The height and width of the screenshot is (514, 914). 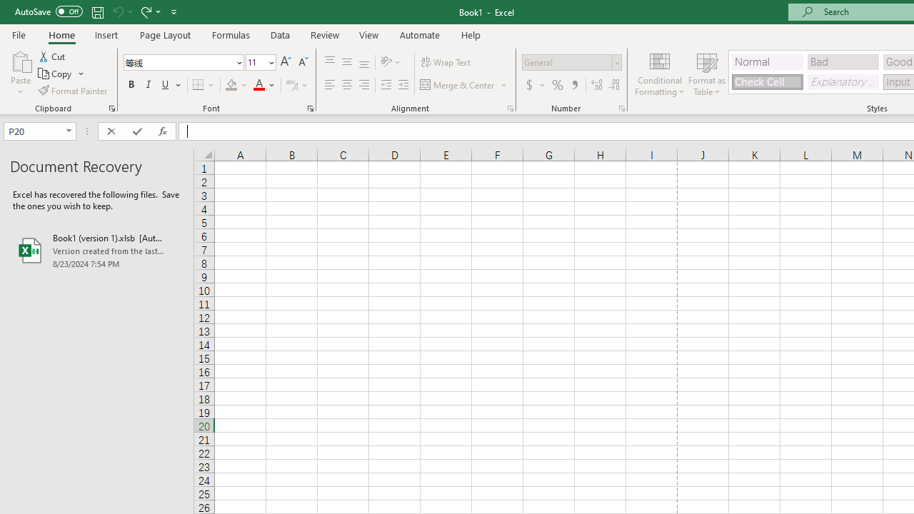 I want to click on 'Decrease Font Size', so click(x=302, y=61).